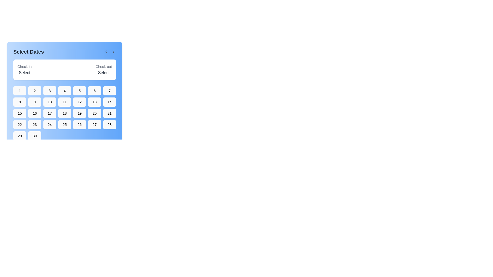  Describe the element at coordinates (103, 70) in the screenshot. I see `the button labeled 'Select' under the 'Check-out' section to receive additional details or highlights` at that location.